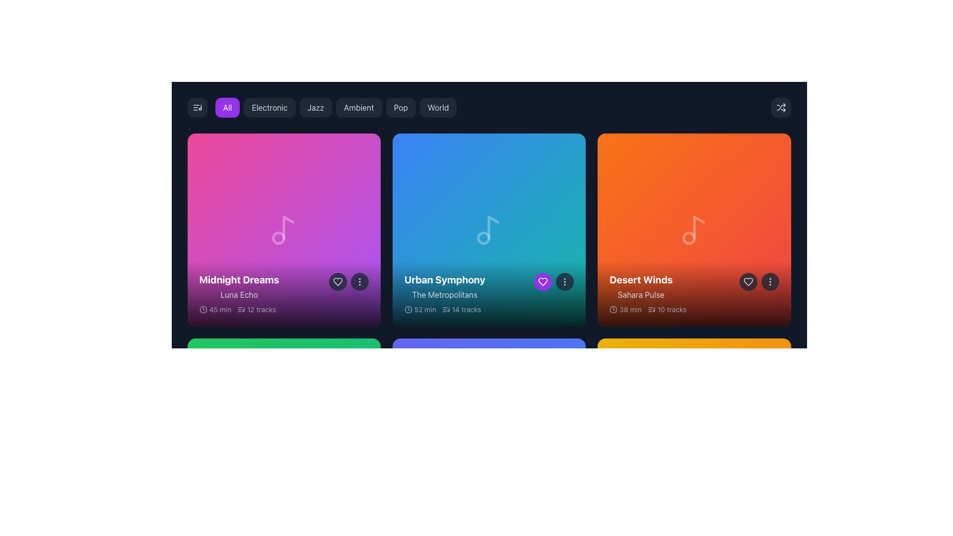 The image size is (953, 536). Describe the element at coordinates (359, 282) in the screenshot. I see `the ellipsis icon button, which consists of three vertically aligned dots in a light gray color, located at the bottom-right corner of the 'Midnight Dreams' content card` at that location.